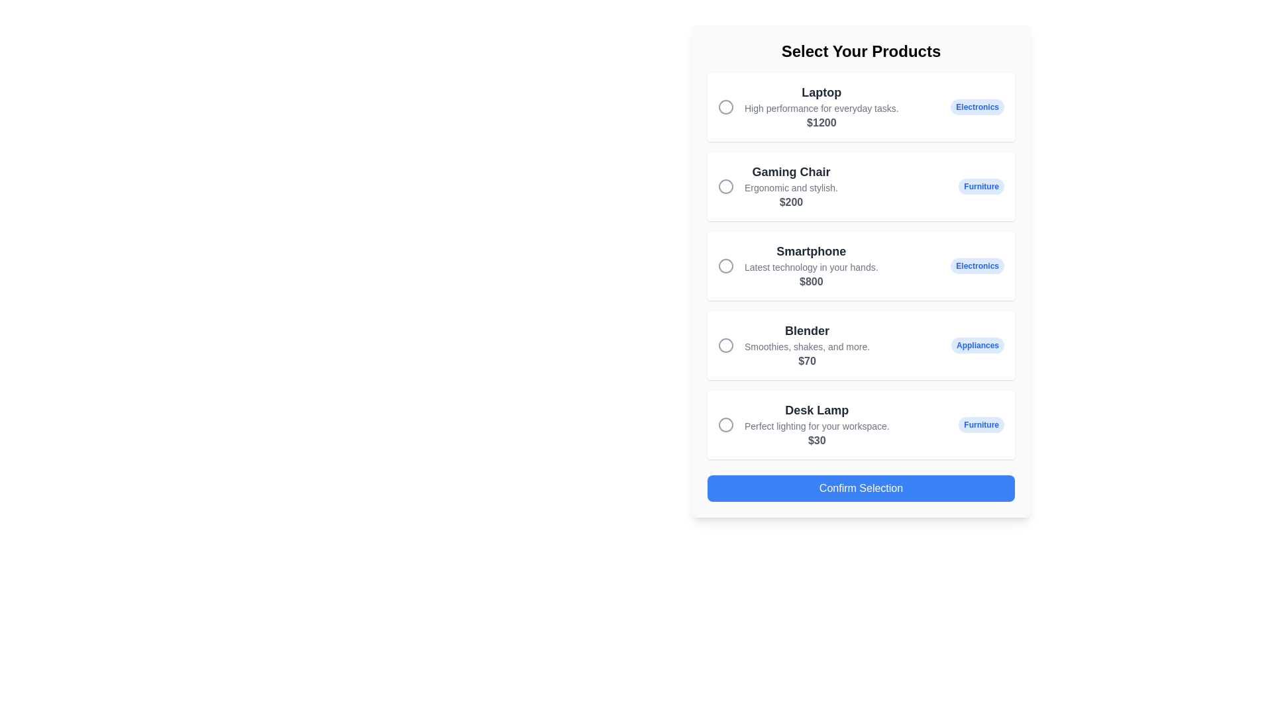  Describe the element at coordinates (810, 267) in the screenshot. I see `the static text description element that provides details about the product 'Smartphone', located below the title and above the price` at that location.